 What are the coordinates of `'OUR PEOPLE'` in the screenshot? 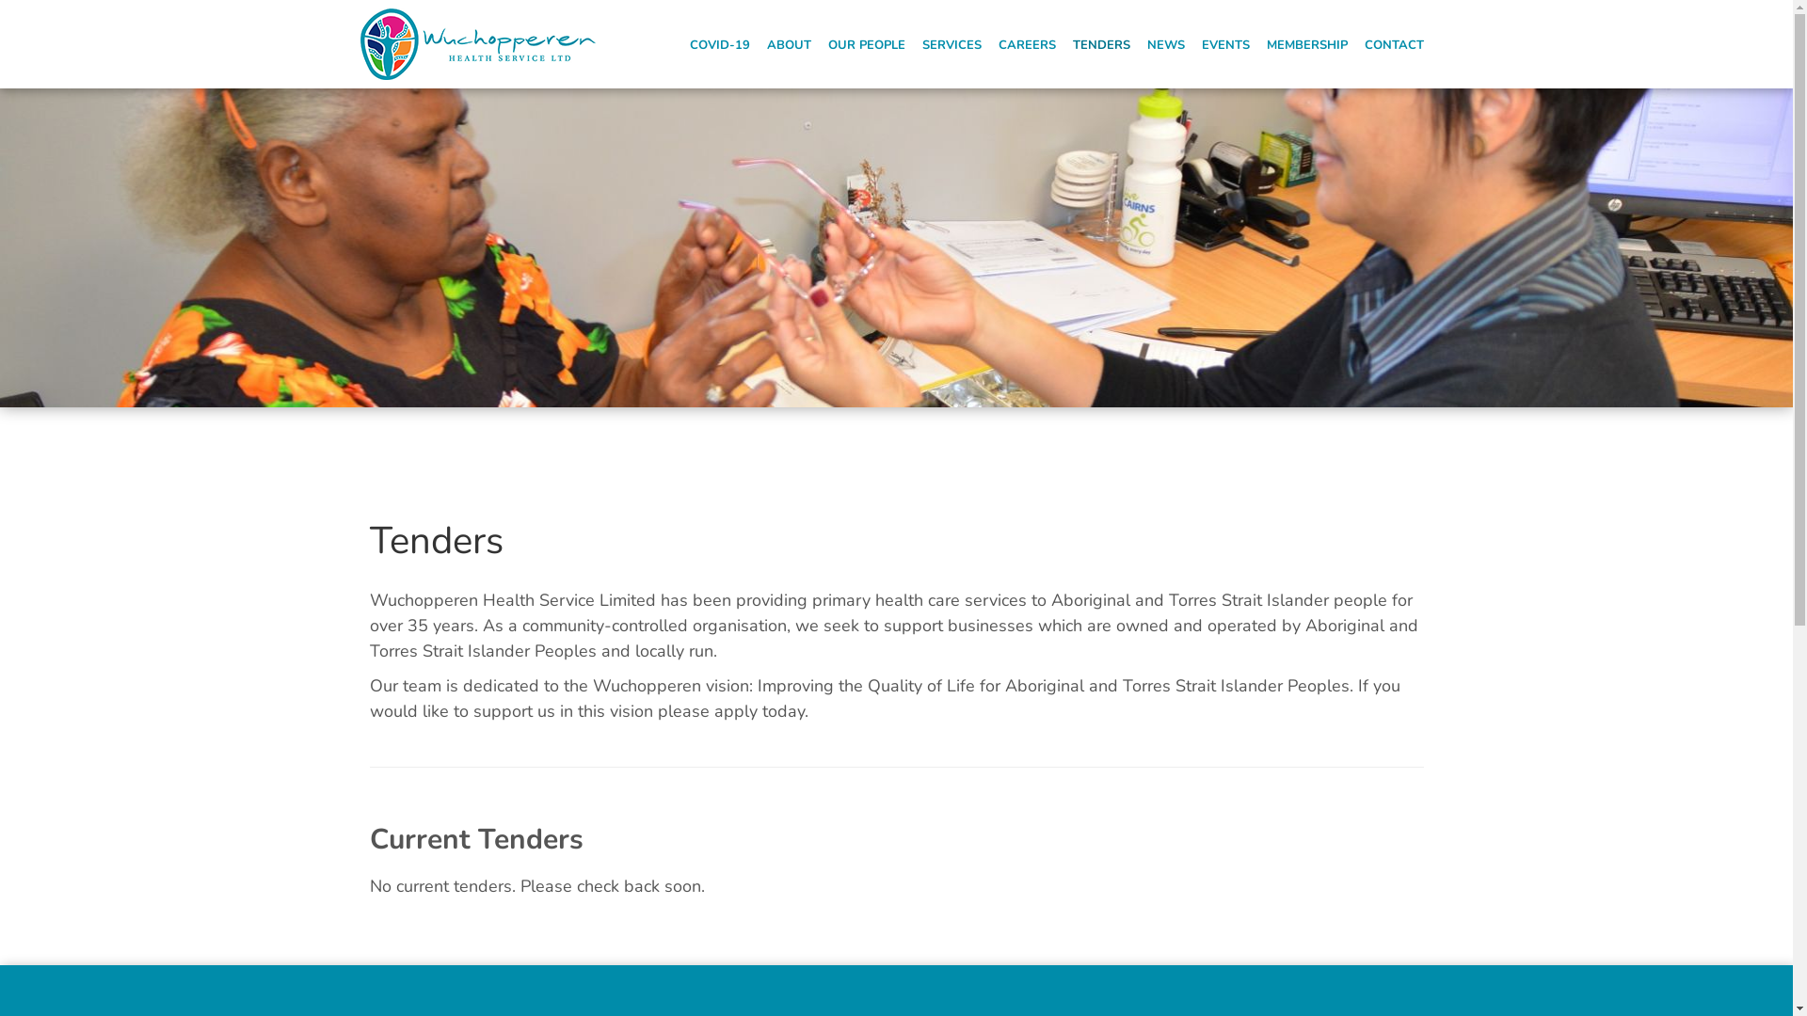 It's located at (866, 43).